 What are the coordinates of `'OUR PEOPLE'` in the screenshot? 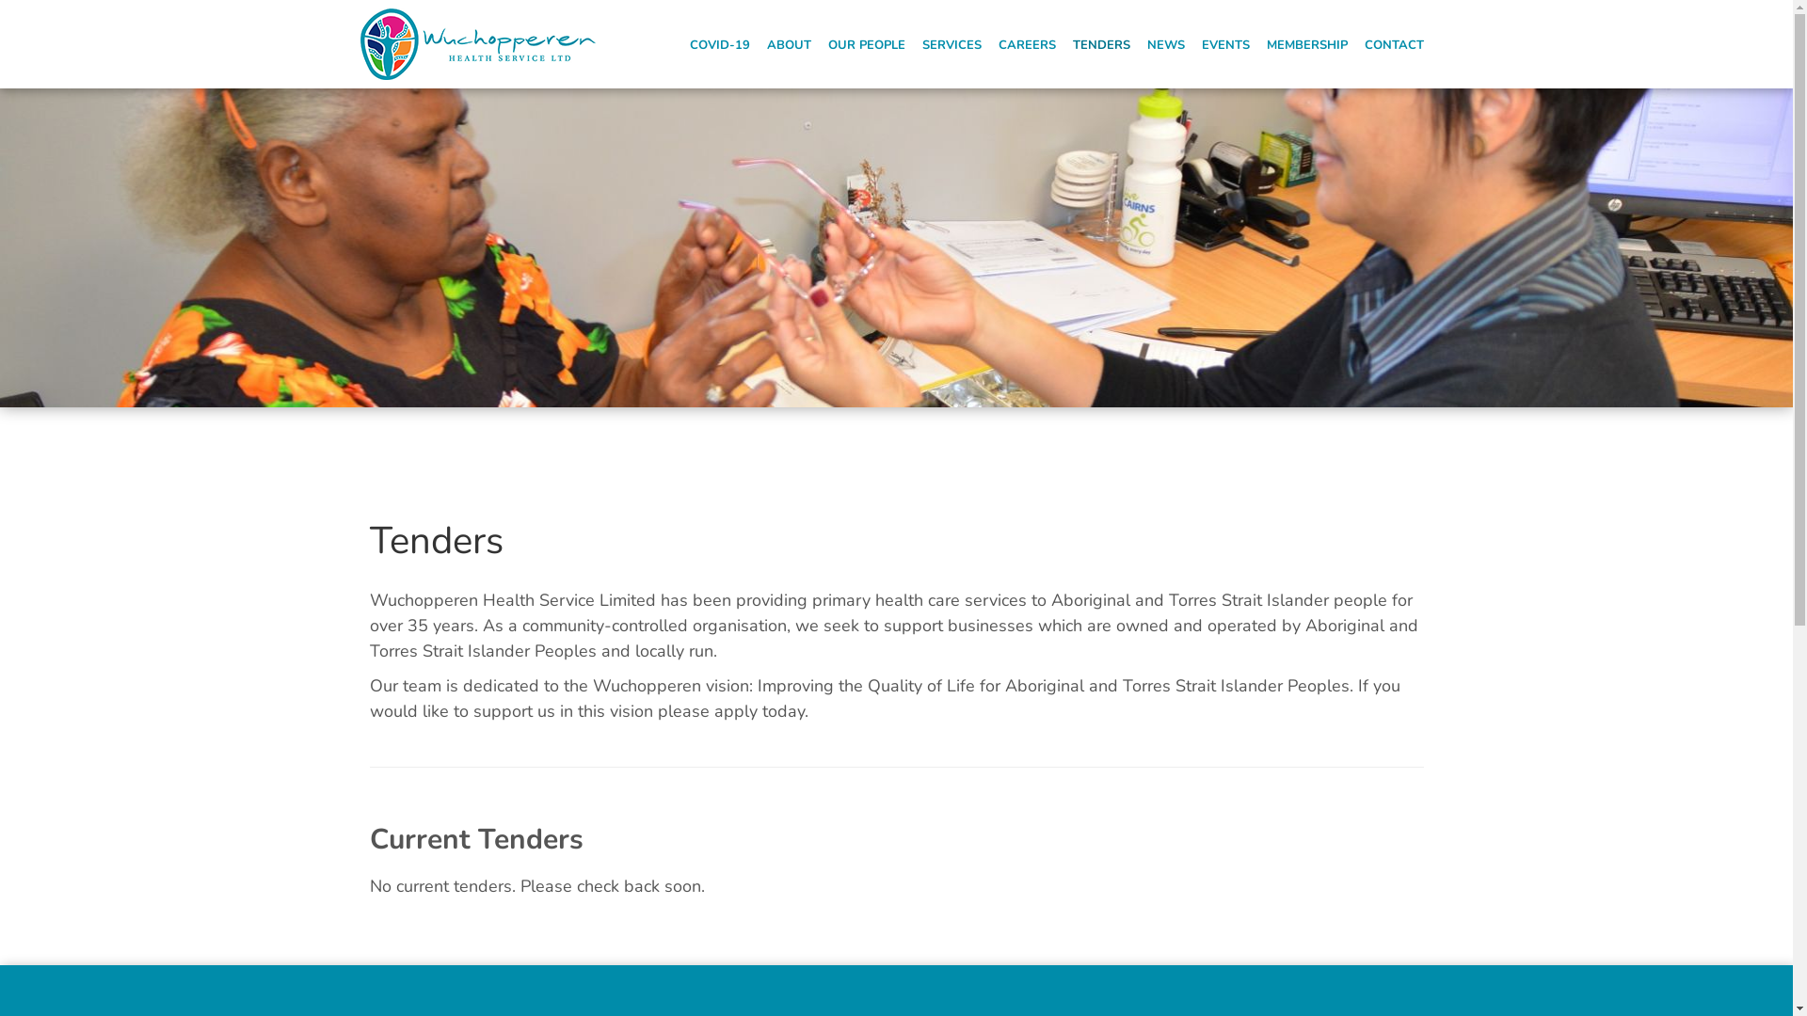 It's located at (866, 43).